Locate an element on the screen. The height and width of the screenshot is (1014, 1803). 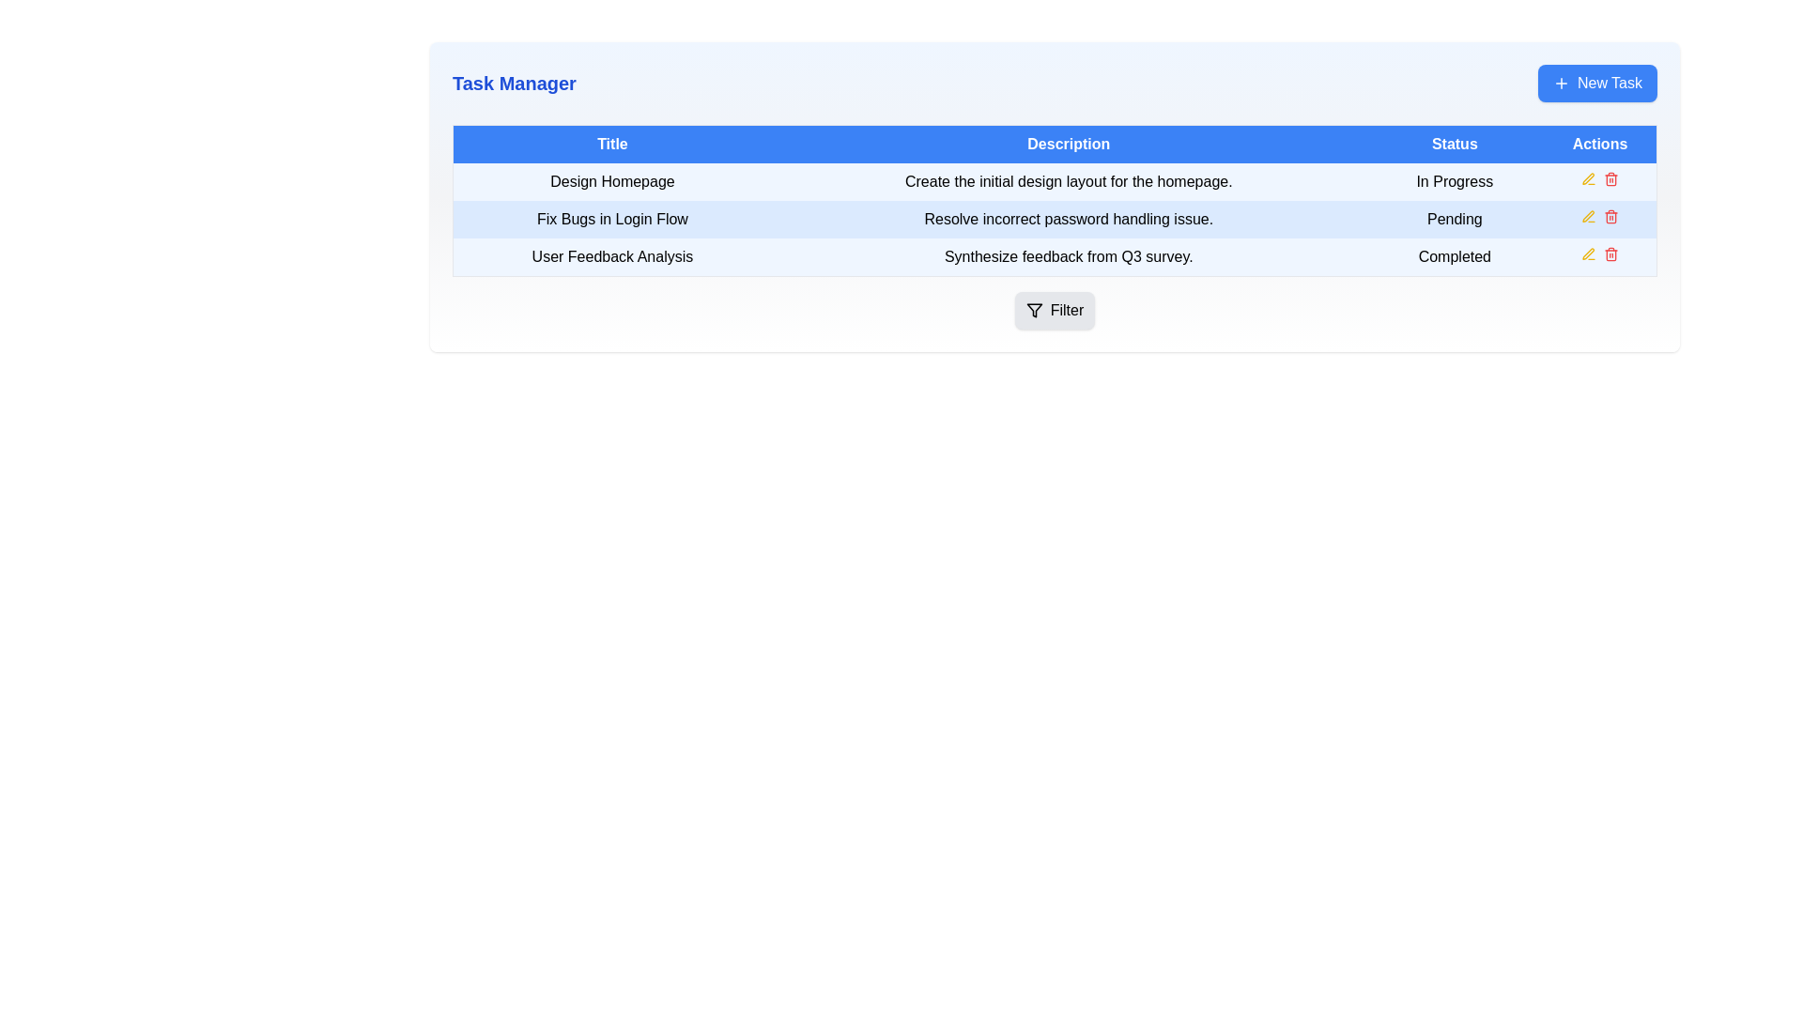
text label displaying 'User Feedback Analysis' located in the first cell of the third row under the 'Title' column in a table with a light blue background is located at coordinates (612, 257).